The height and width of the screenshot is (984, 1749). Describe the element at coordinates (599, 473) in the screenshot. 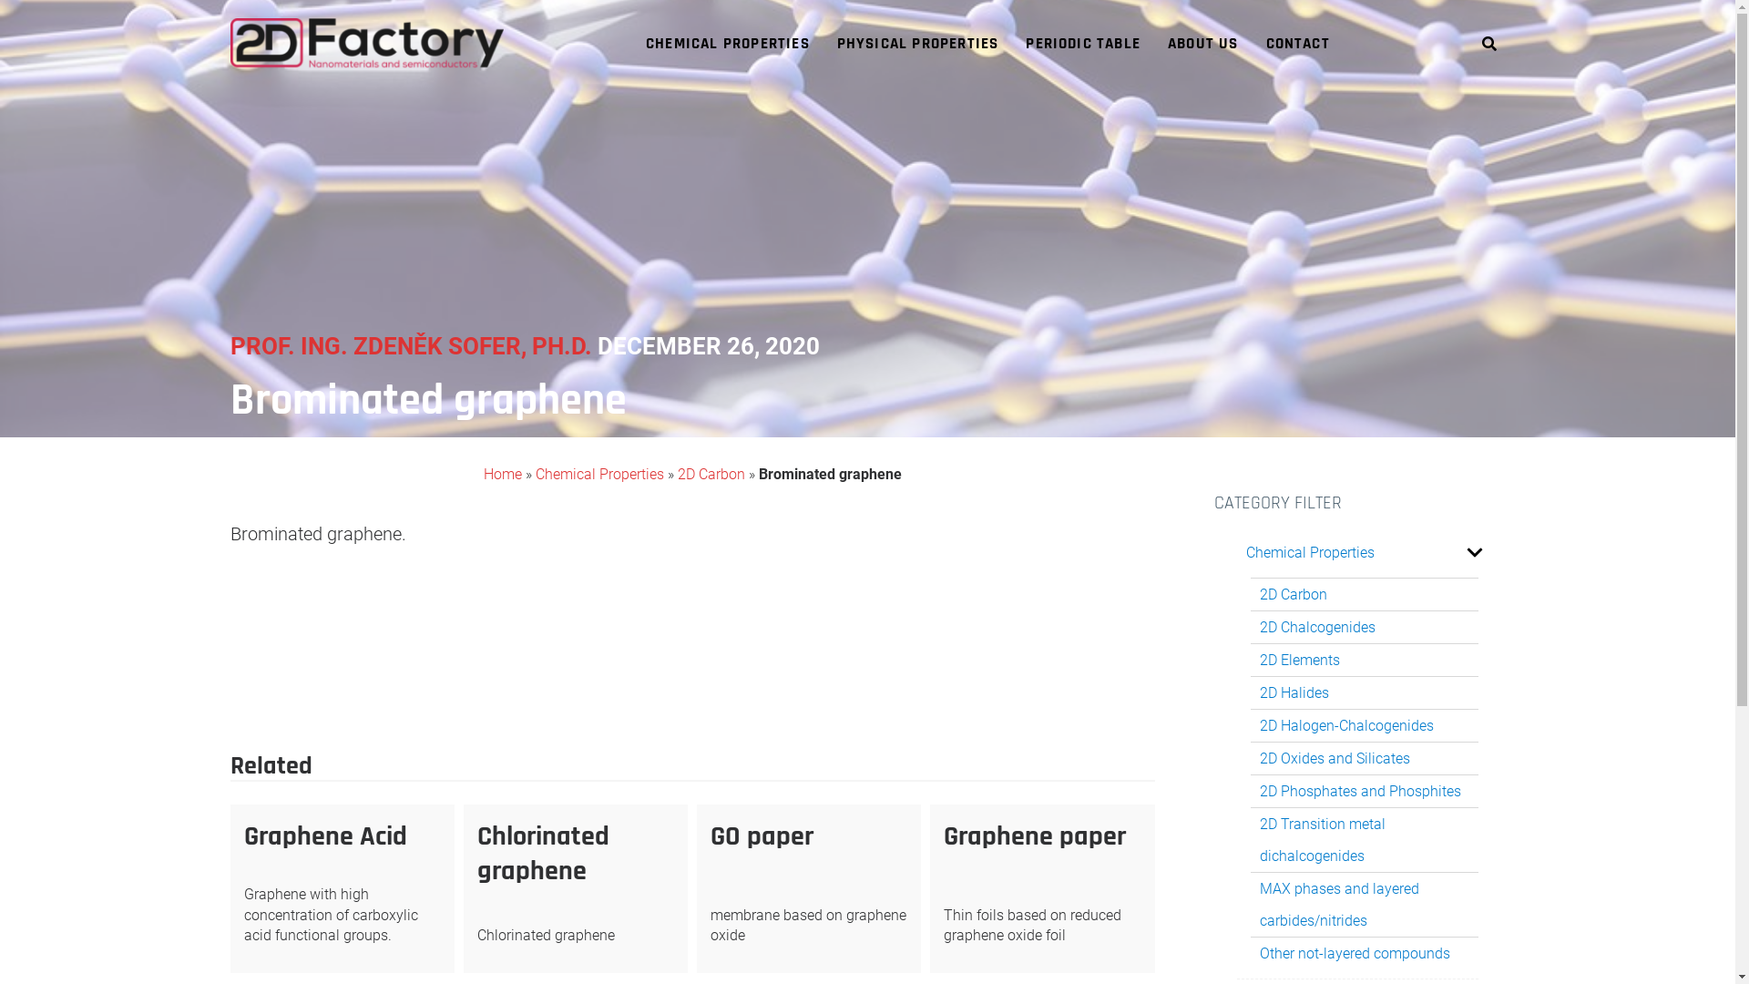

I see `'Chemical Properties'` at that location.